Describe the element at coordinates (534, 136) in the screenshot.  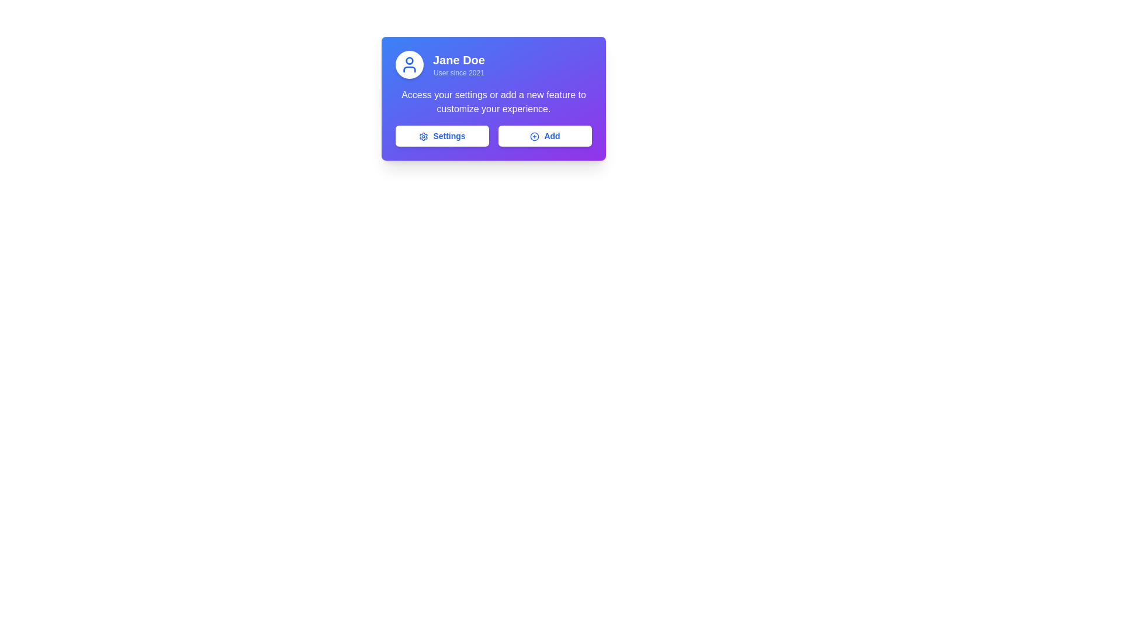
I see `the Icon that visually enhances the 'Add' button, suggesting the addition of an item or feature` at that location.